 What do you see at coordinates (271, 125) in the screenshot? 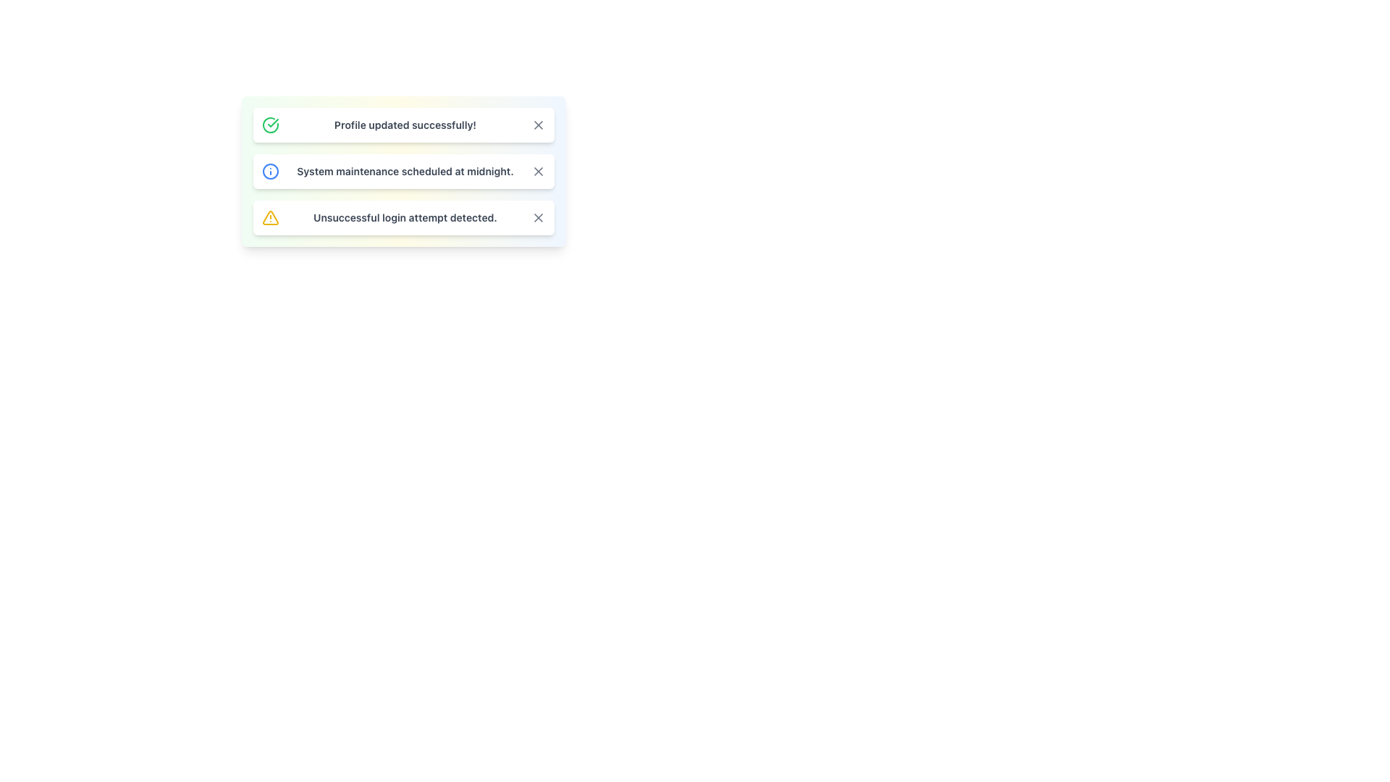
I see `the circular checkmark icon with a green outline that indicates a successful profile update, located at the top of the first notification card` at bounding box center [271, 125].